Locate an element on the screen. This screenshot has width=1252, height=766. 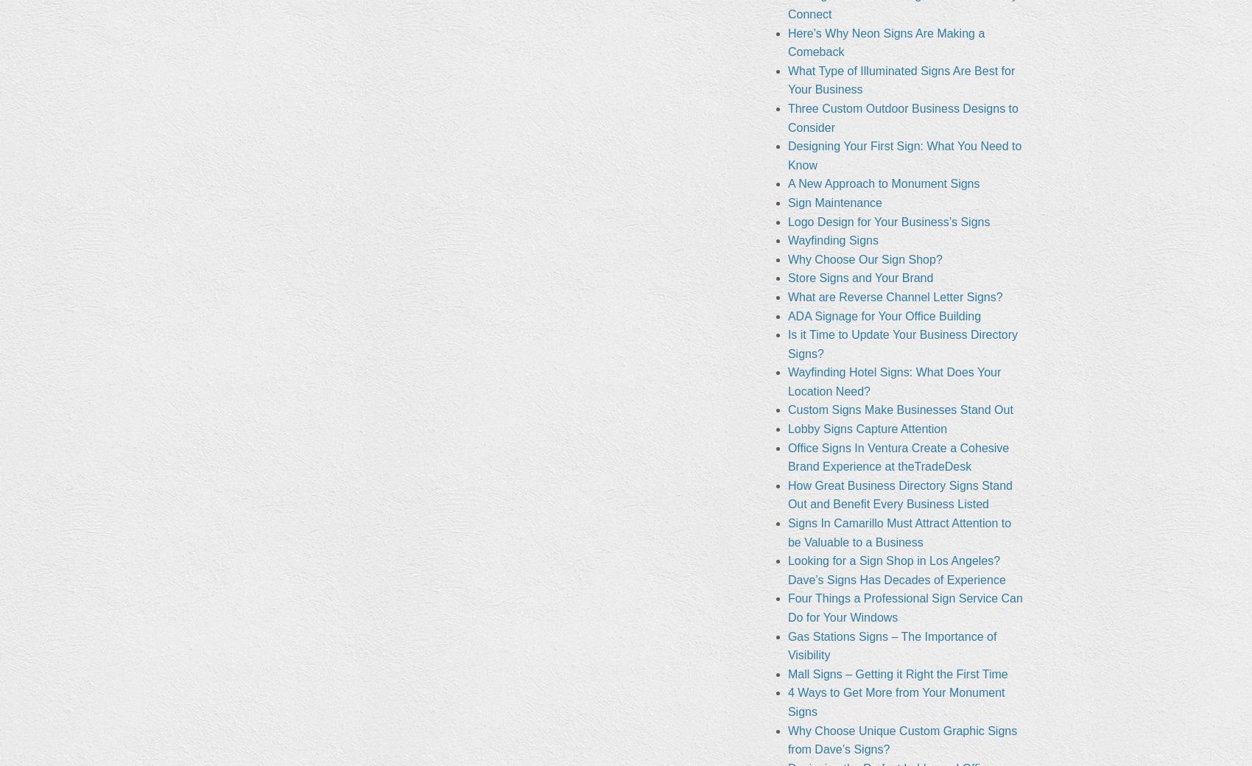
'A New Approach to Monument Signs' is located at coordinates (882, 183).